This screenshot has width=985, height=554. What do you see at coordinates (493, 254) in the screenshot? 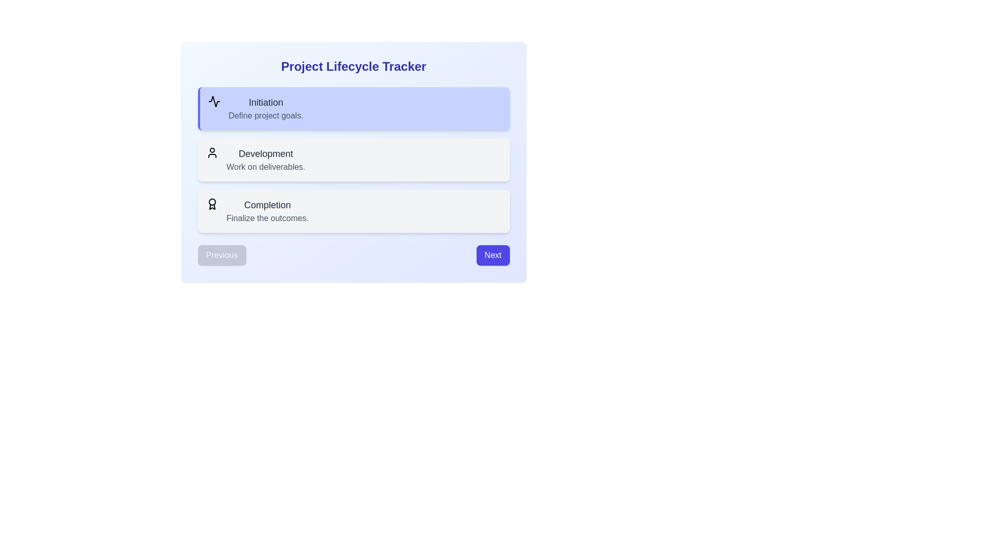
I see `the navigation button located at the bottom right corner of the interface to observe potential visual effects` at bounding box center [493, 254].